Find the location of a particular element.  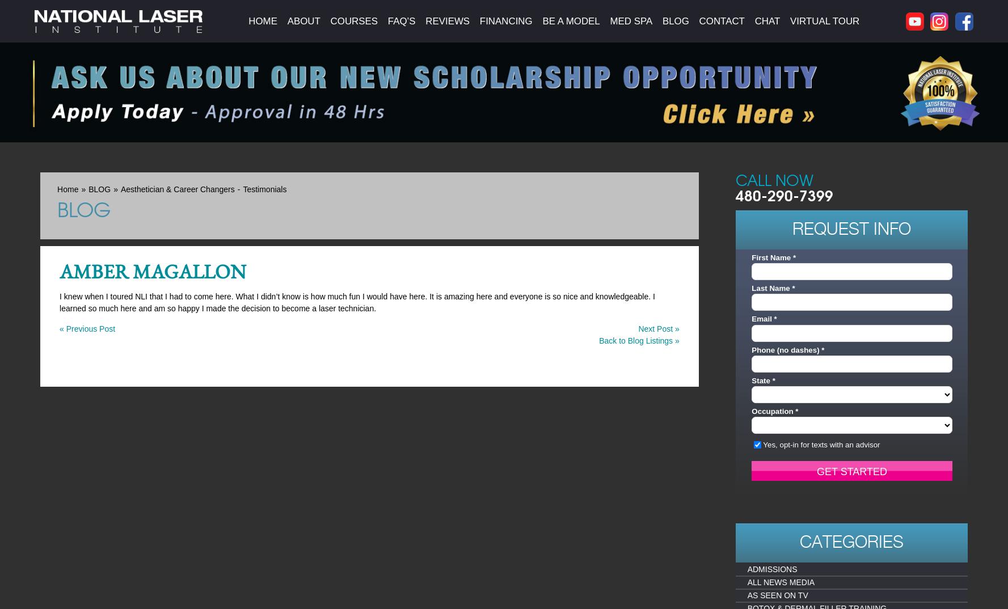

'Chat' is located at coordinates (767, 20).